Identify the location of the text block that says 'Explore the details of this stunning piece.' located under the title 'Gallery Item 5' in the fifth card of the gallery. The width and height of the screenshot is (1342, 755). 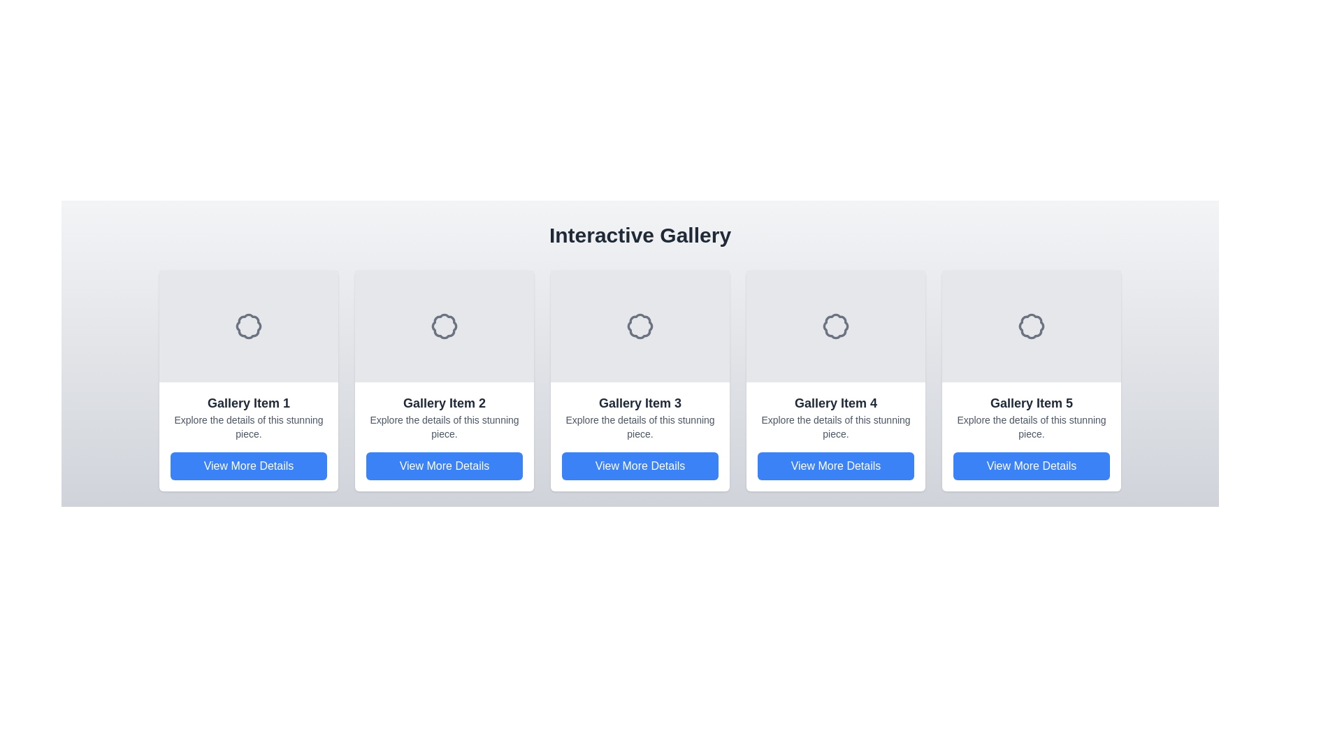
(1032, 426).